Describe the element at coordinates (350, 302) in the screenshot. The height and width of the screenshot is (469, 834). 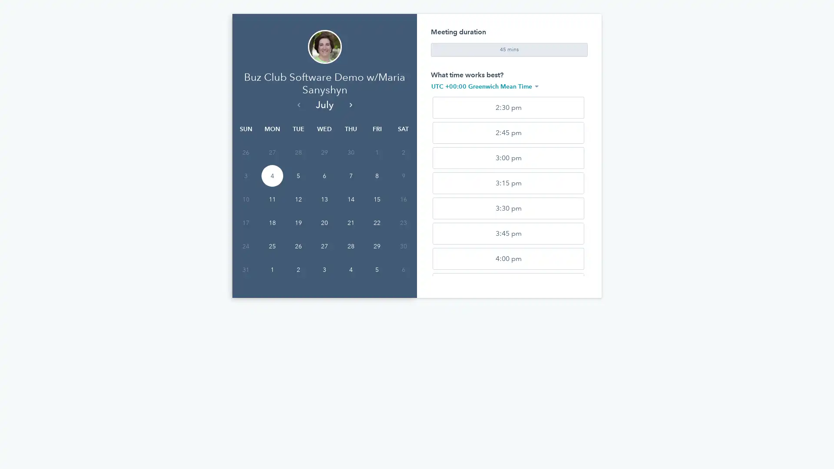
I see `August 4th` at that location.